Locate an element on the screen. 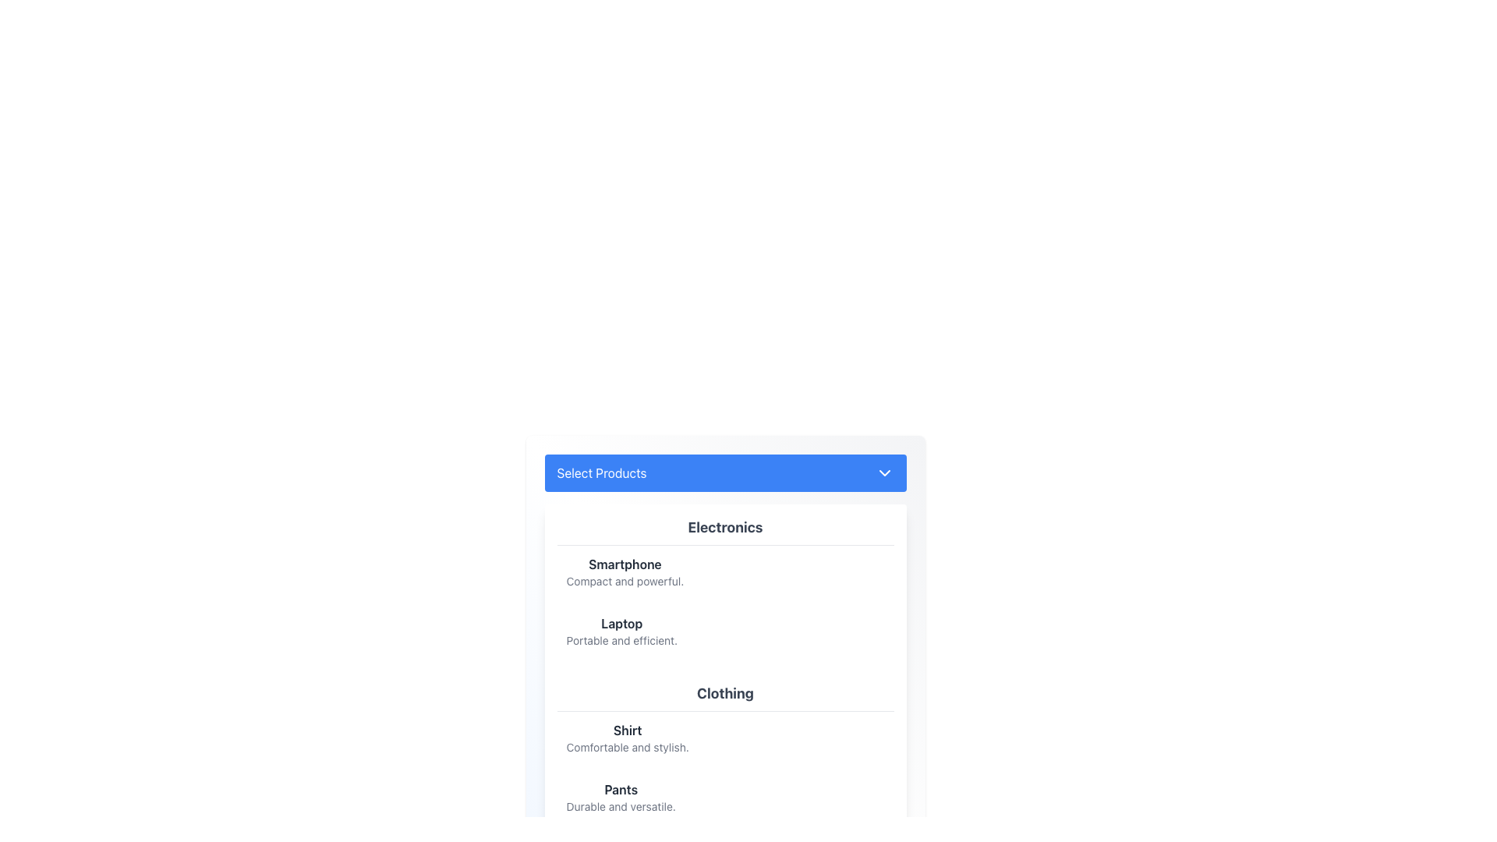  the 'Shirt' item in the Clothing section is located at coordinates (724, 766).